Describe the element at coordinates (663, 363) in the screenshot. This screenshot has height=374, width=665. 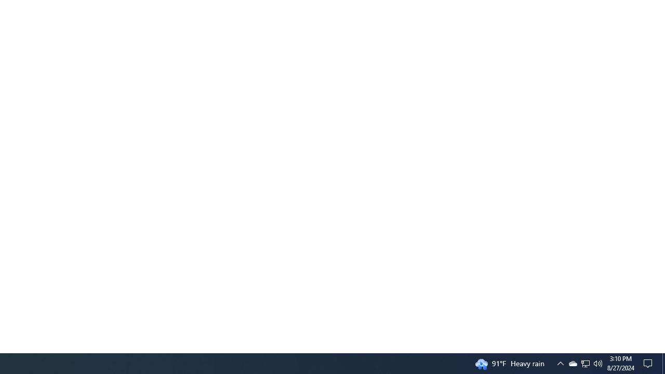
I see `'Show desktop'` at that location.